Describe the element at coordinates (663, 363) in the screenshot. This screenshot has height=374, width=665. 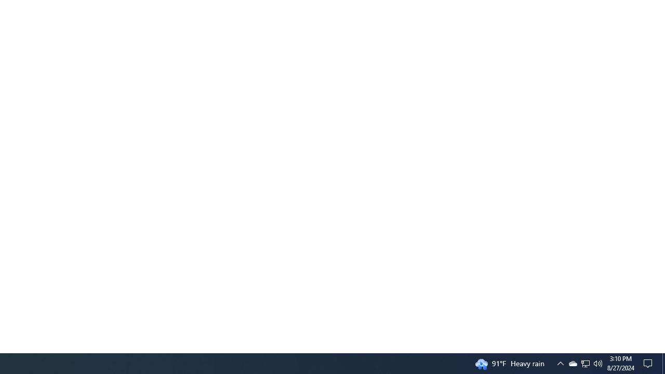
I see `'Show desktop'` at that location.